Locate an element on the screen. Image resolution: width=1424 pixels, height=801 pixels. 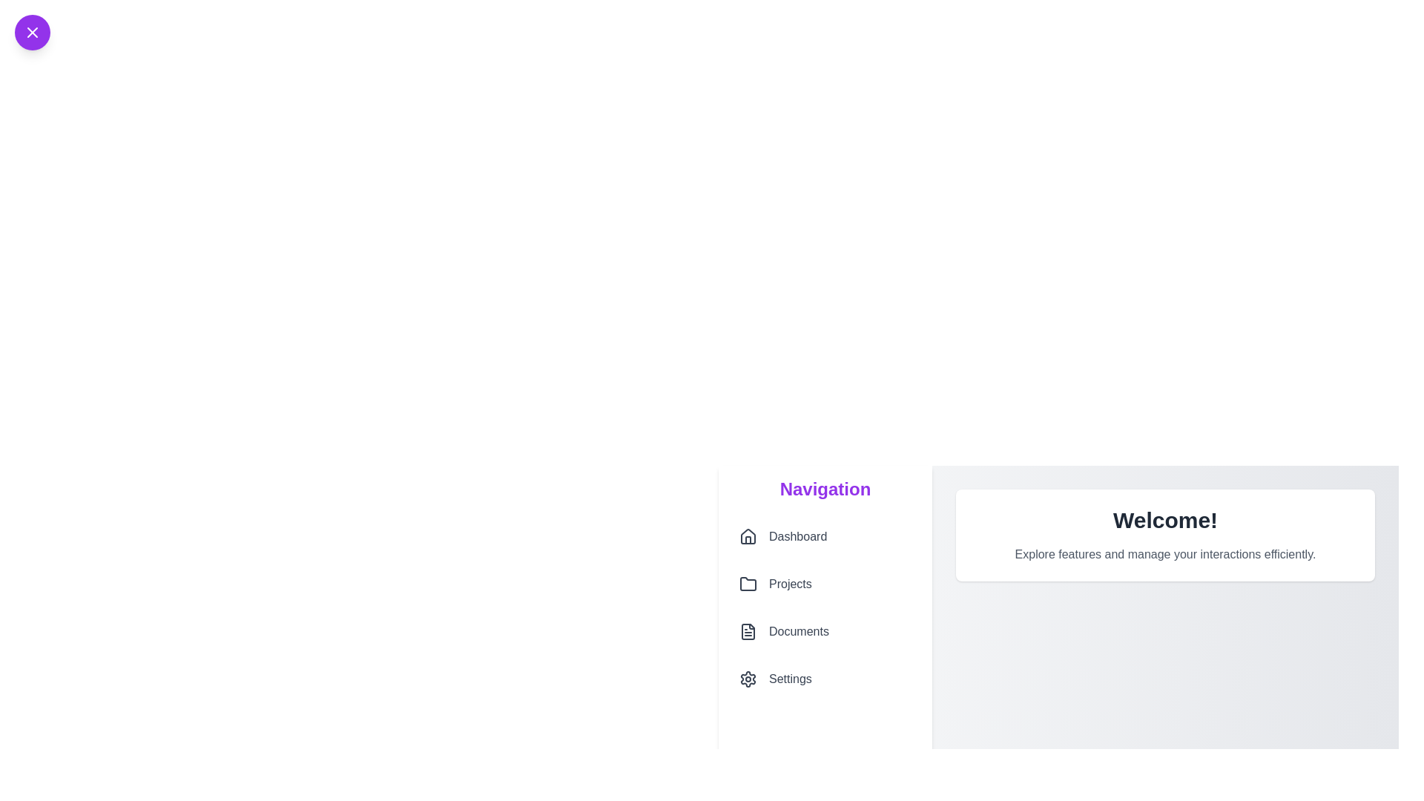
the navigation menu item Dashboard is located at coordinates (825, 537).